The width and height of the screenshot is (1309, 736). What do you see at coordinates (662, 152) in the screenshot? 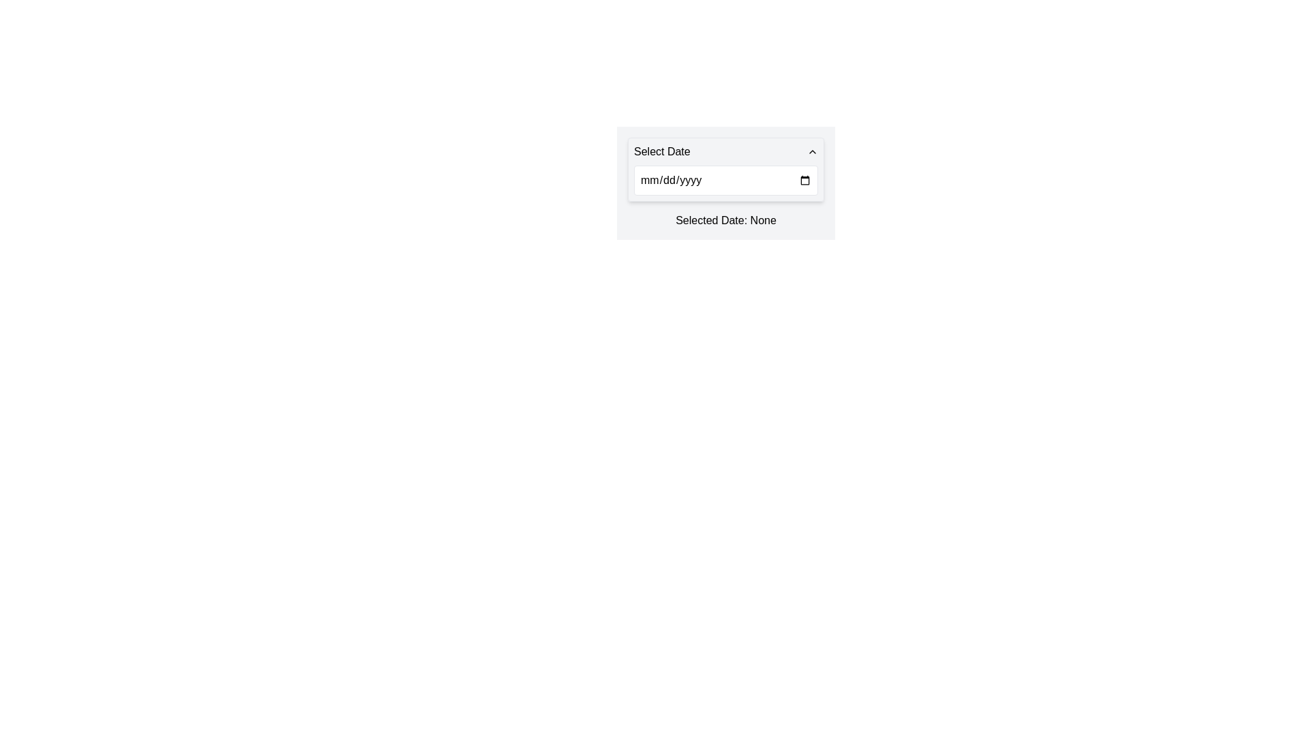
I see `the 'Select Date' text label, which is bold and located at the top-left corner of the date picker component` at bounding box center [662, 152].